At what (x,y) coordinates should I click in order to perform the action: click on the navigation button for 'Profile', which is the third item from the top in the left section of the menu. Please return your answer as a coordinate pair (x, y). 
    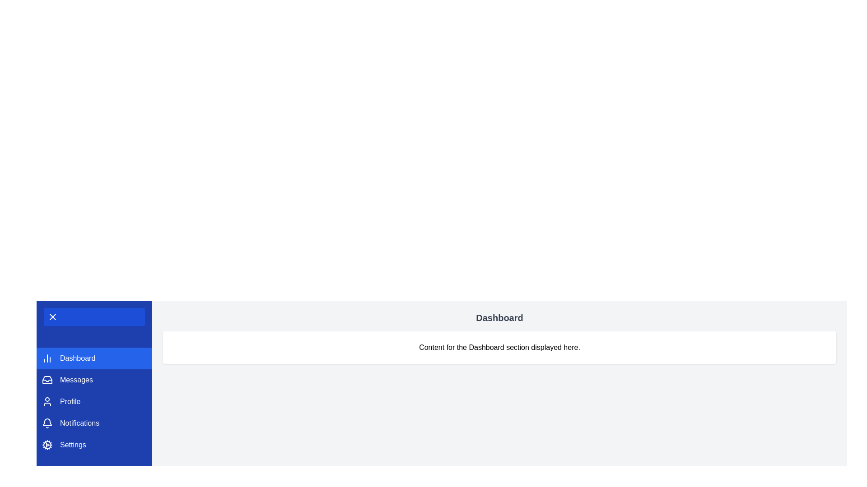
    Looking at the image, I should click on (94, 401).